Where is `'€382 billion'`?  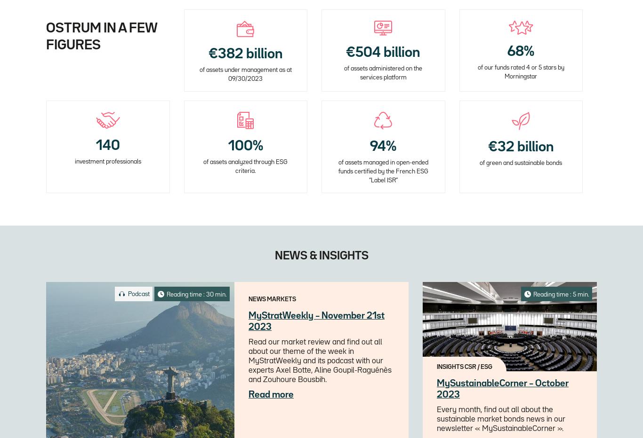
'€382 billion' is located at coordinates (208, 54).